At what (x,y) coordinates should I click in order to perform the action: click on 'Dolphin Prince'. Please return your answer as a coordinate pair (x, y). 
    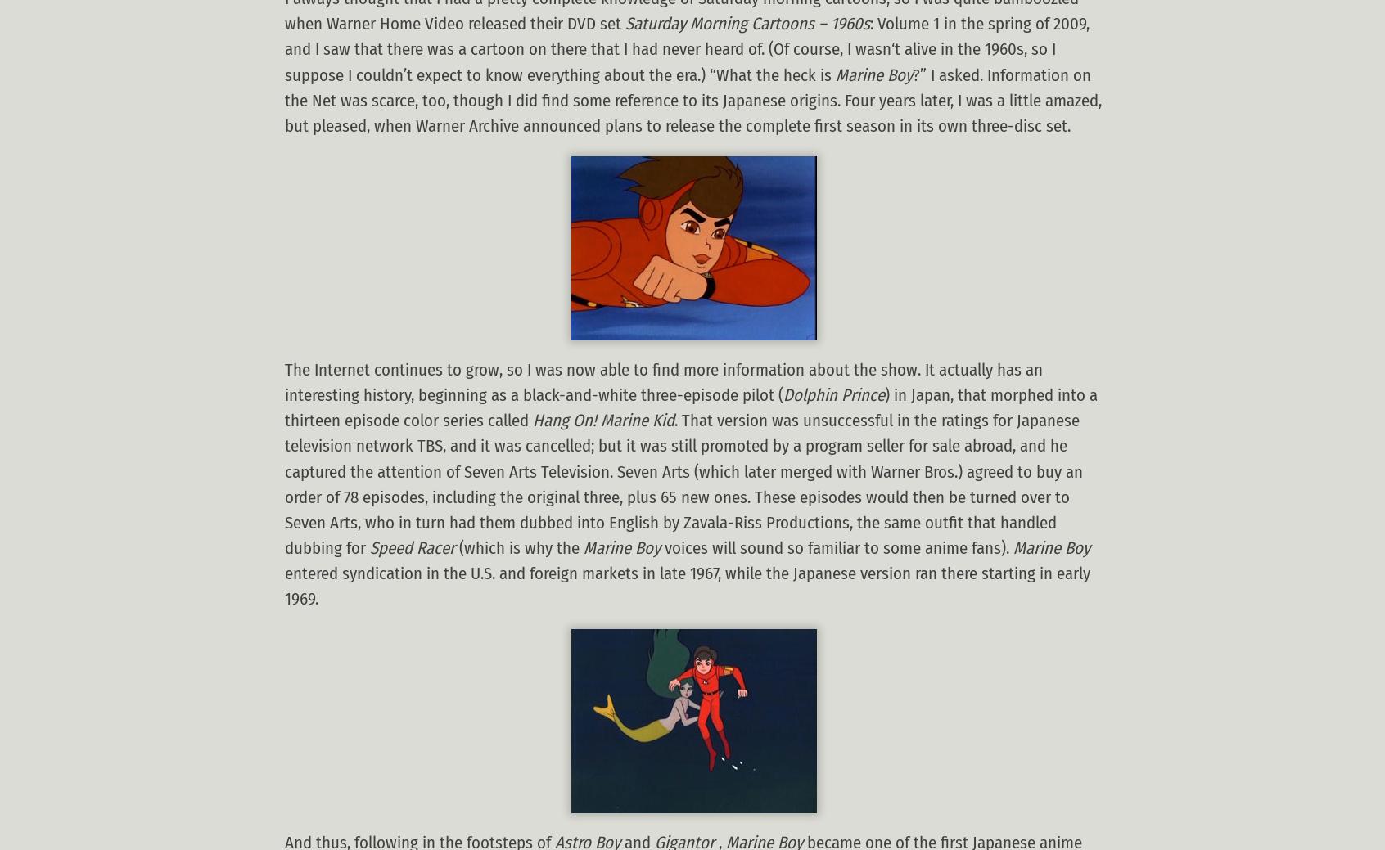
    Looking at the image, I should click on (783, 394).